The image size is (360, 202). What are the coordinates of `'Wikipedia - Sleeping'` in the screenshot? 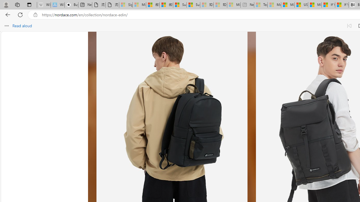 It's located at (44, 5).